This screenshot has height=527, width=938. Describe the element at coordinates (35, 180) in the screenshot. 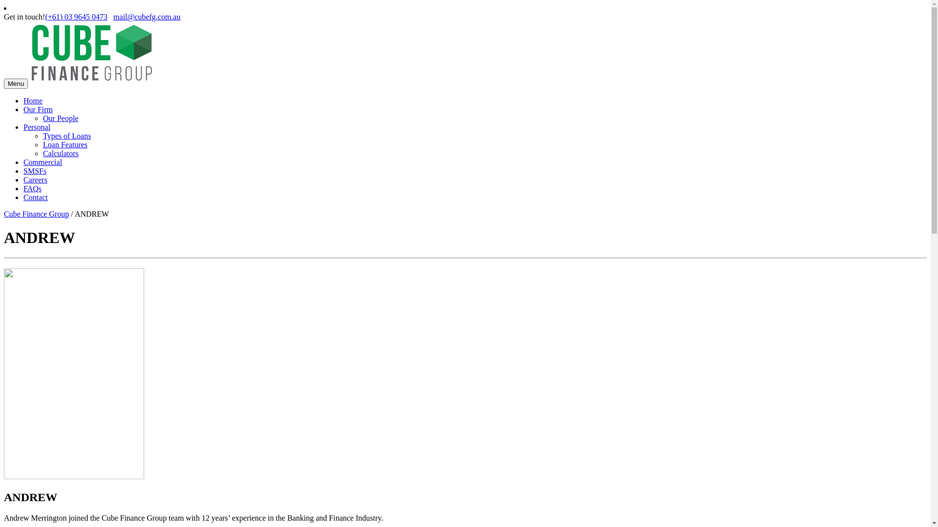

I see `'Careers'` at that location.